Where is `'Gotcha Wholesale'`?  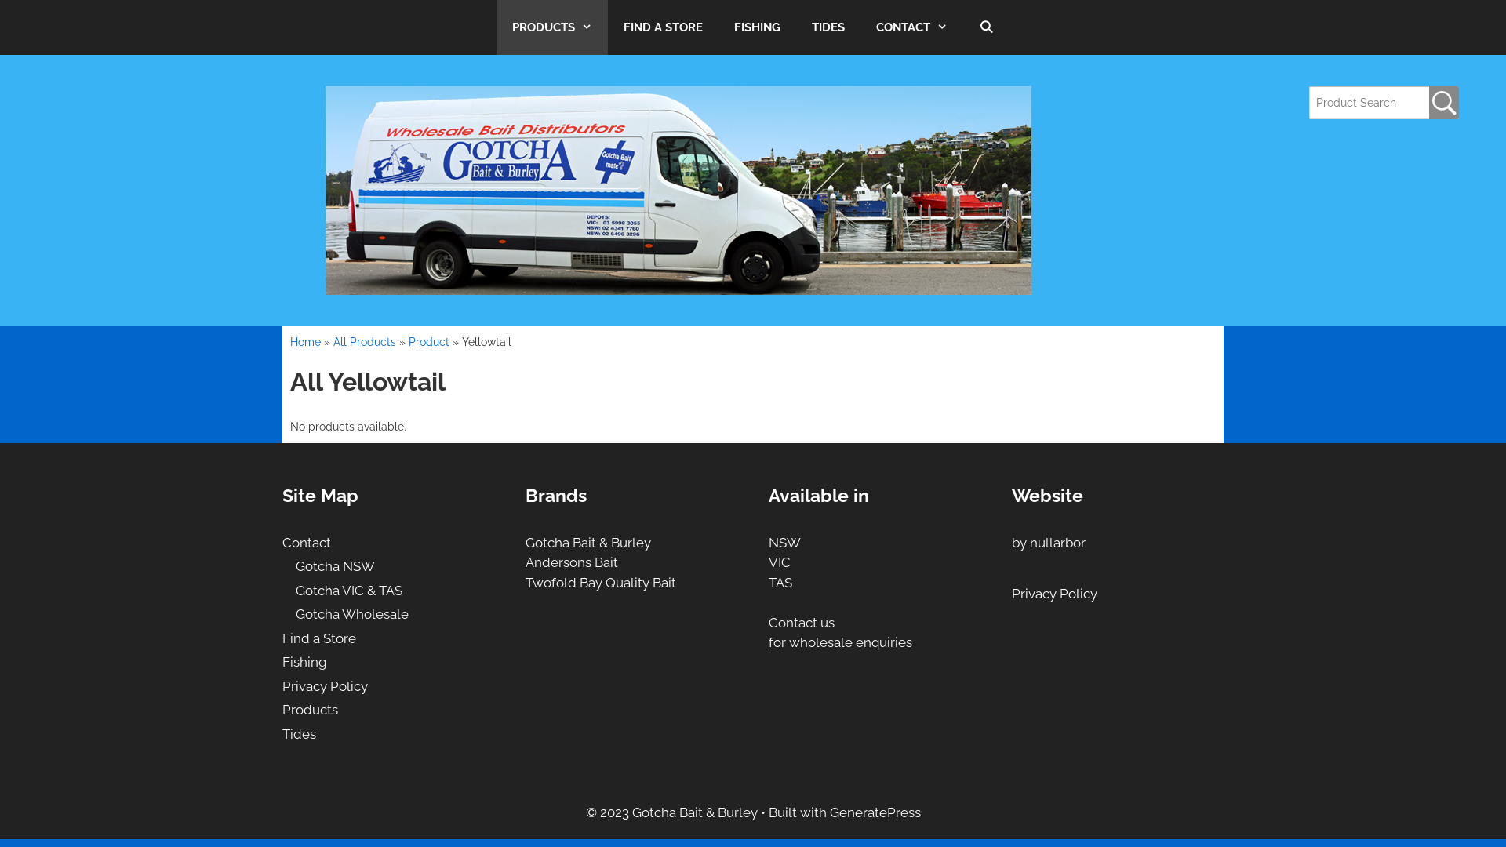
'Gotcha Wholesale' is located at coordinates (351, 613).